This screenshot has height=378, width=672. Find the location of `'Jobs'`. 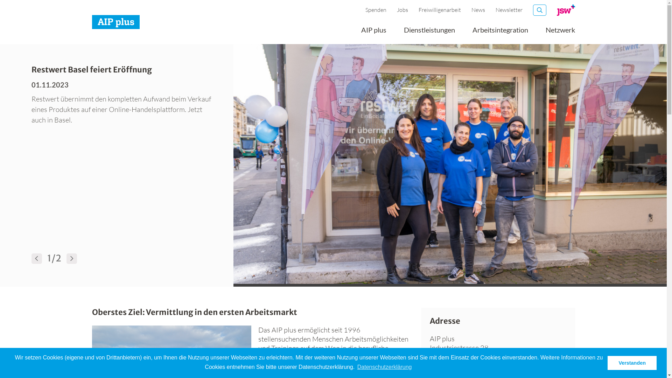

'Jobs' is located at coordinates (402, 9).